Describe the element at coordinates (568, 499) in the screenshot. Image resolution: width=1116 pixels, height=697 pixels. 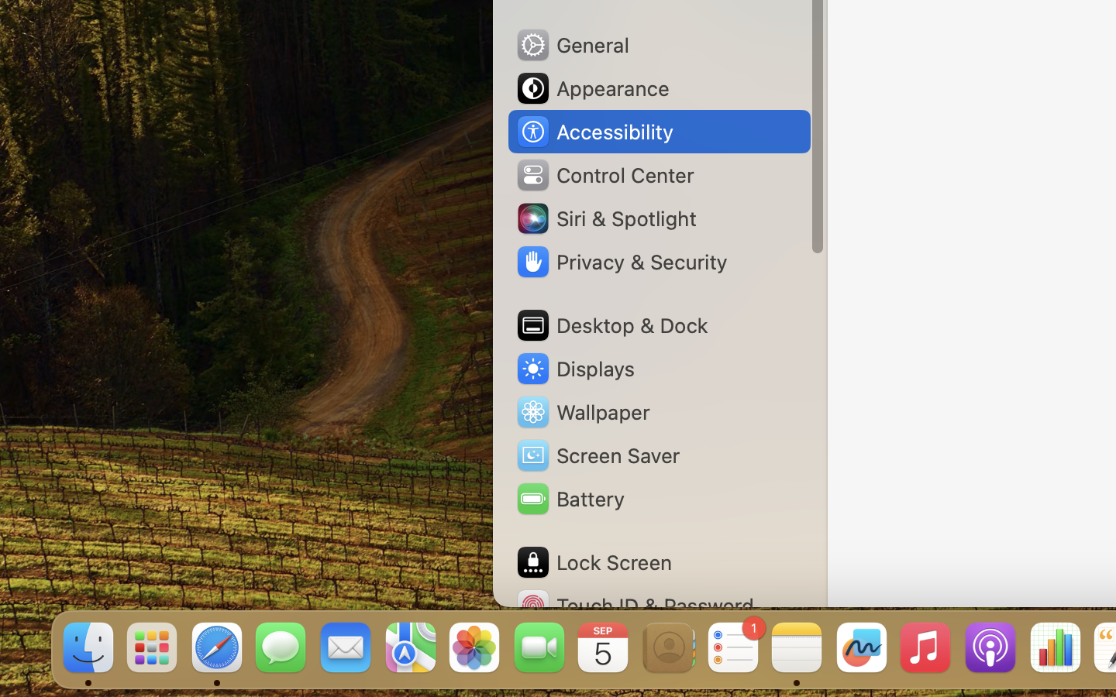
I see `'Battery'` at that location.